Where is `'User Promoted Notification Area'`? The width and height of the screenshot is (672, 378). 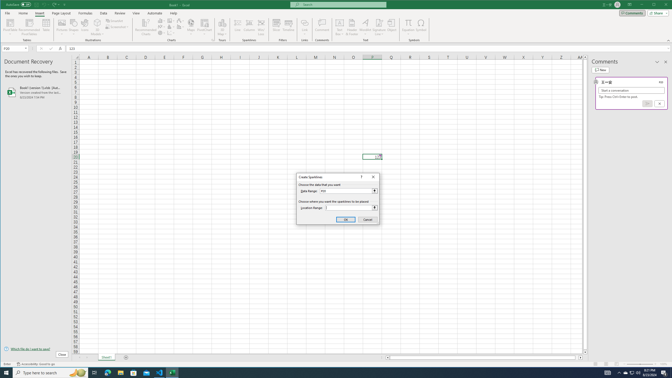 'User Promoted Notification Area' is located at coordinates (631, 372).